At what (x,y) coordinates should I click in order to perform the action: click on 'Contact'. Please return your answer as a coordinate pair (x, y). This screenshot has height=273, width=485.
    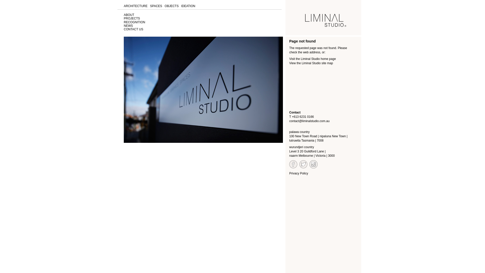
    Looking at the image, I should click on (295, 112).